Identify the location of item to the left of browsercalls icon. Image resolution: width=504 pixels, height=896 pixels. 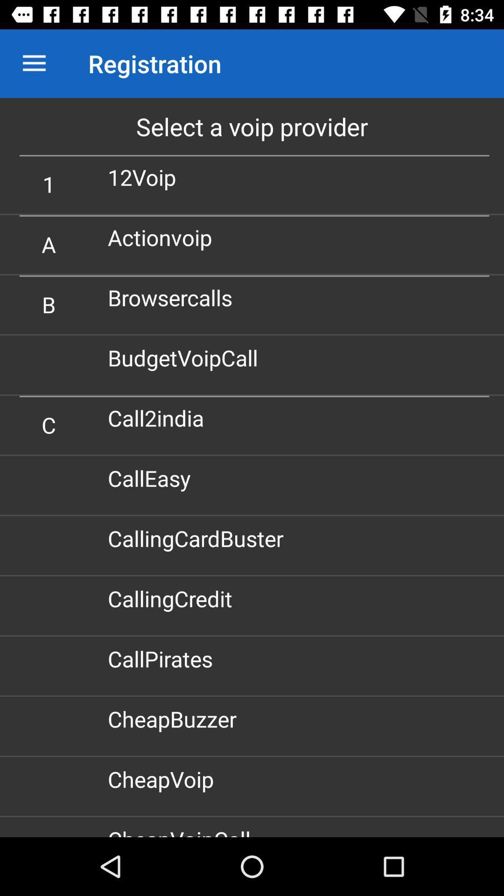
(49, 304).